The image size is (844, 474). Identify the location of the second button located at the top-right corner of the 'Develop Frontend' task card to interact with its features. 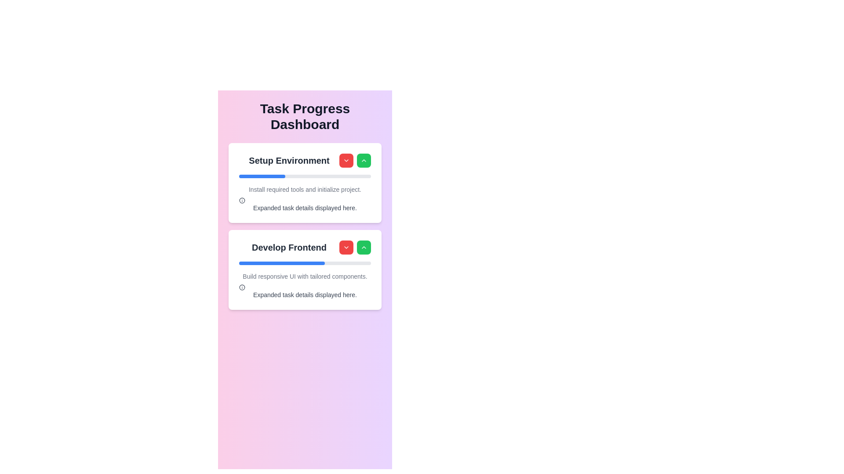
(364, 247).